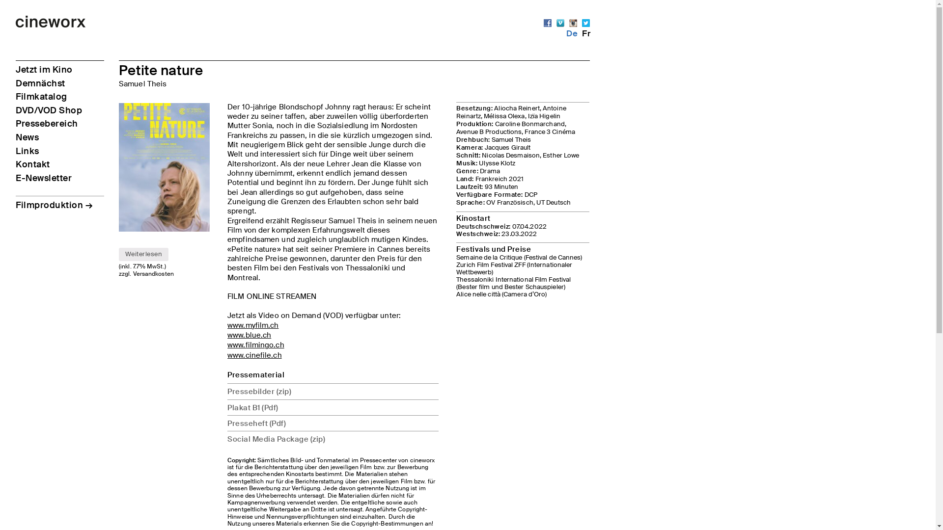 This screenshot has width=943, height=530. What do you see at coordinates (226, 355) in the screenshot?
I see `'www.cinefile.ch'` at bounding box center [226, 355].